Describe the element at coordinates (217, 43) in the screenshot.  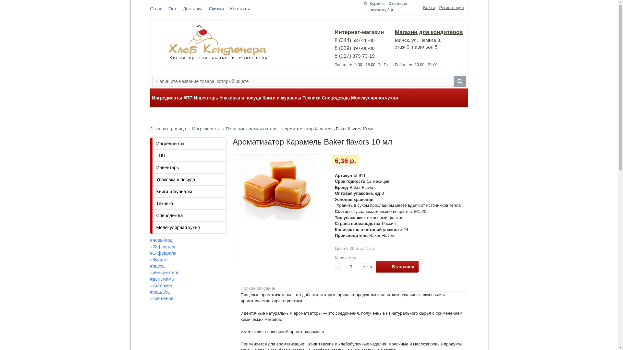
I see `'logo-hleb-conditera'` at that location.